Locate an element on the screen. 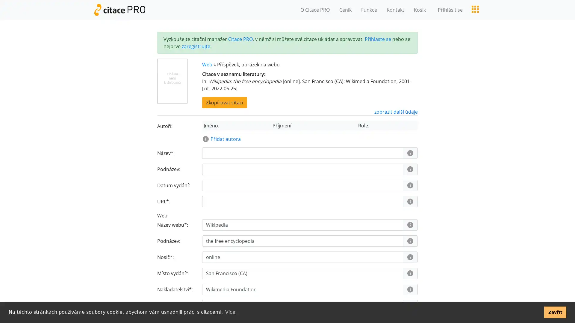 The height and width of the screenshot is (323, 575). Zkopirovat citaci is located at coordinates (224, 102).